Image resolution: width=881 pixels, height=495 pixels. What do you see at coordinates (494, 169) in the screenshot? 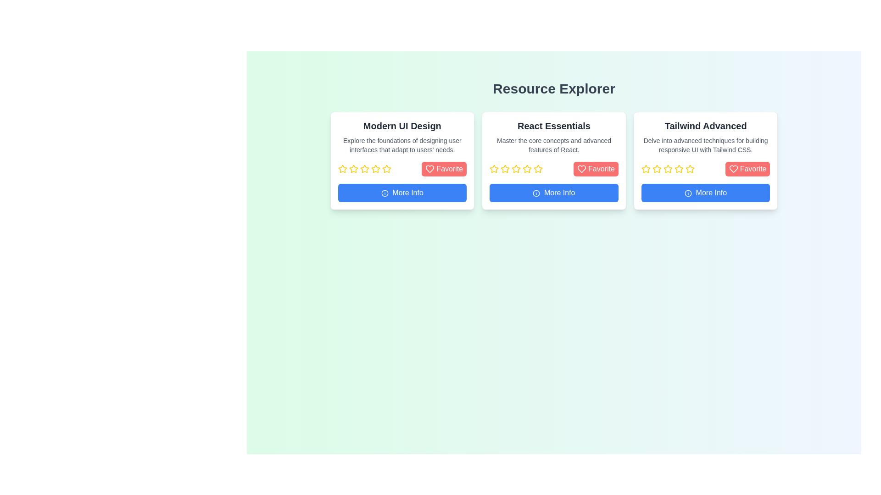
I see `the second star icon with a yellow border in the 'React Essentials' section` at bounding box center [494, 169].